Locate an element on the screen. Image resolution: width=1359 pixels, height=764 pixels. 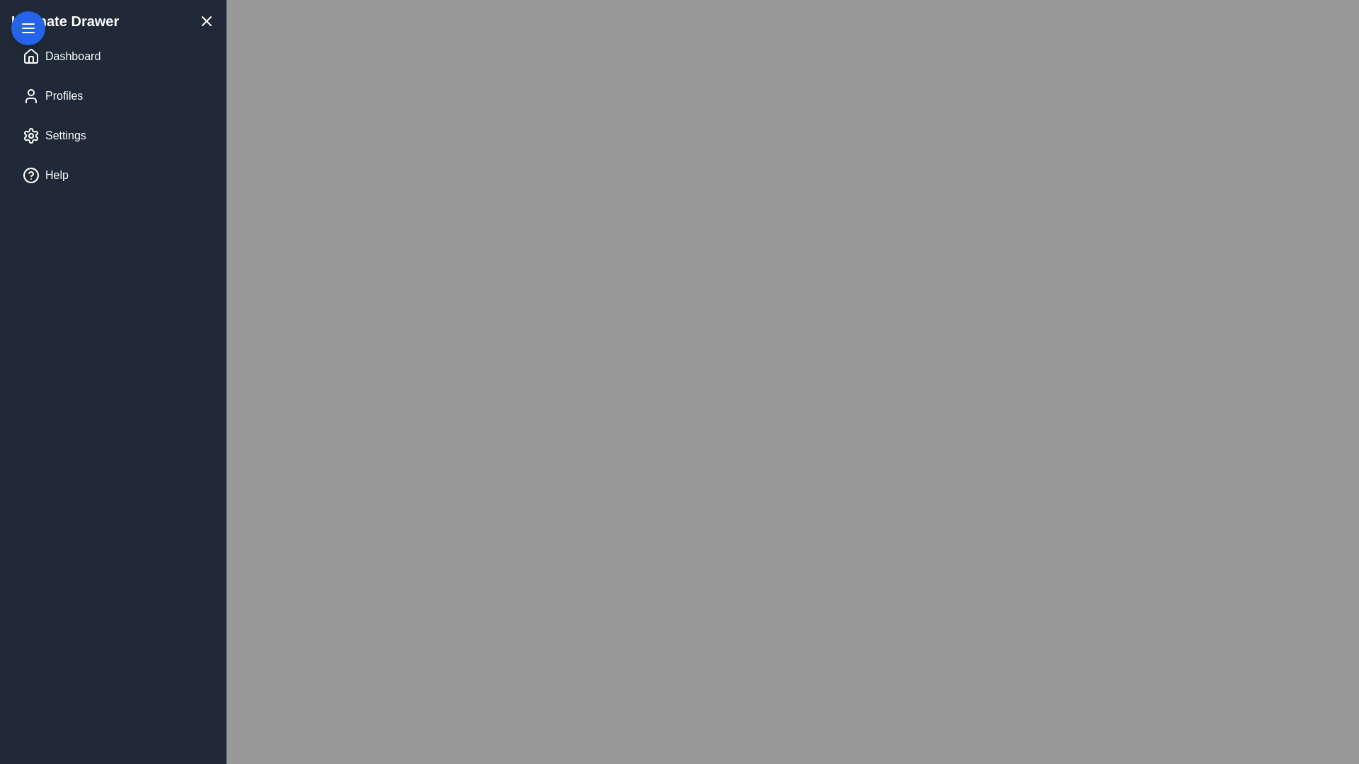
bold text labeled 'Ultimate Drawer' located at the upper left corner of the sidebar panel is located at coordinates (64, 21).